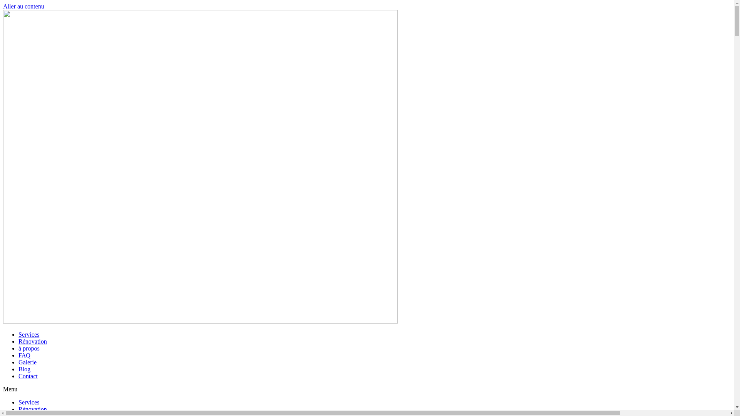 The image size is (740, 416). I want to click on 'Galerie', so click(27, 362).